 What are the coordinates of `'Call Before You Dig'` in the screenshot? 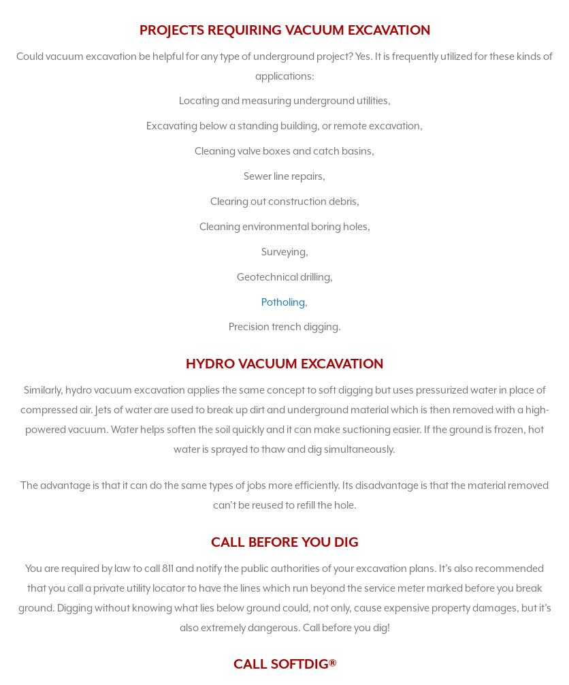 It's located at (283, 541).